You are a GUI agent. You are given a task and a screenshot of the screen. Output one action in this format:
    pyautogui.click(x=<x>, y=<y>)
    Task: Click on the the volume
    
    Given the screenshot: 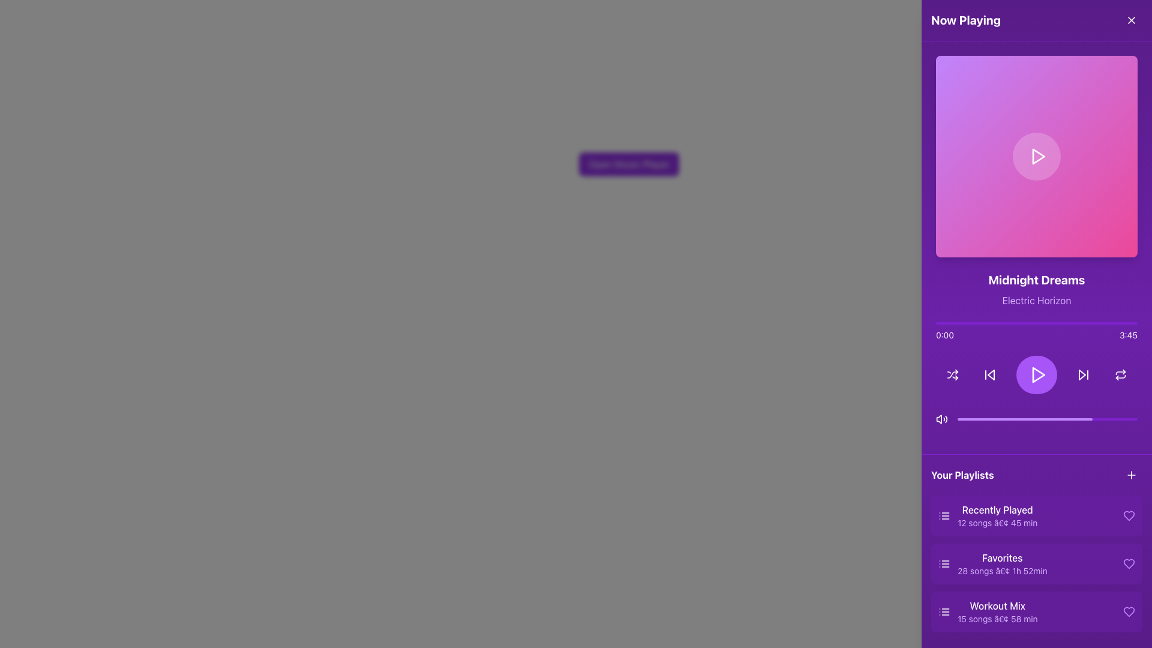 What is the action you would take?
    pyautogui.click(x=1097, y=418)
    